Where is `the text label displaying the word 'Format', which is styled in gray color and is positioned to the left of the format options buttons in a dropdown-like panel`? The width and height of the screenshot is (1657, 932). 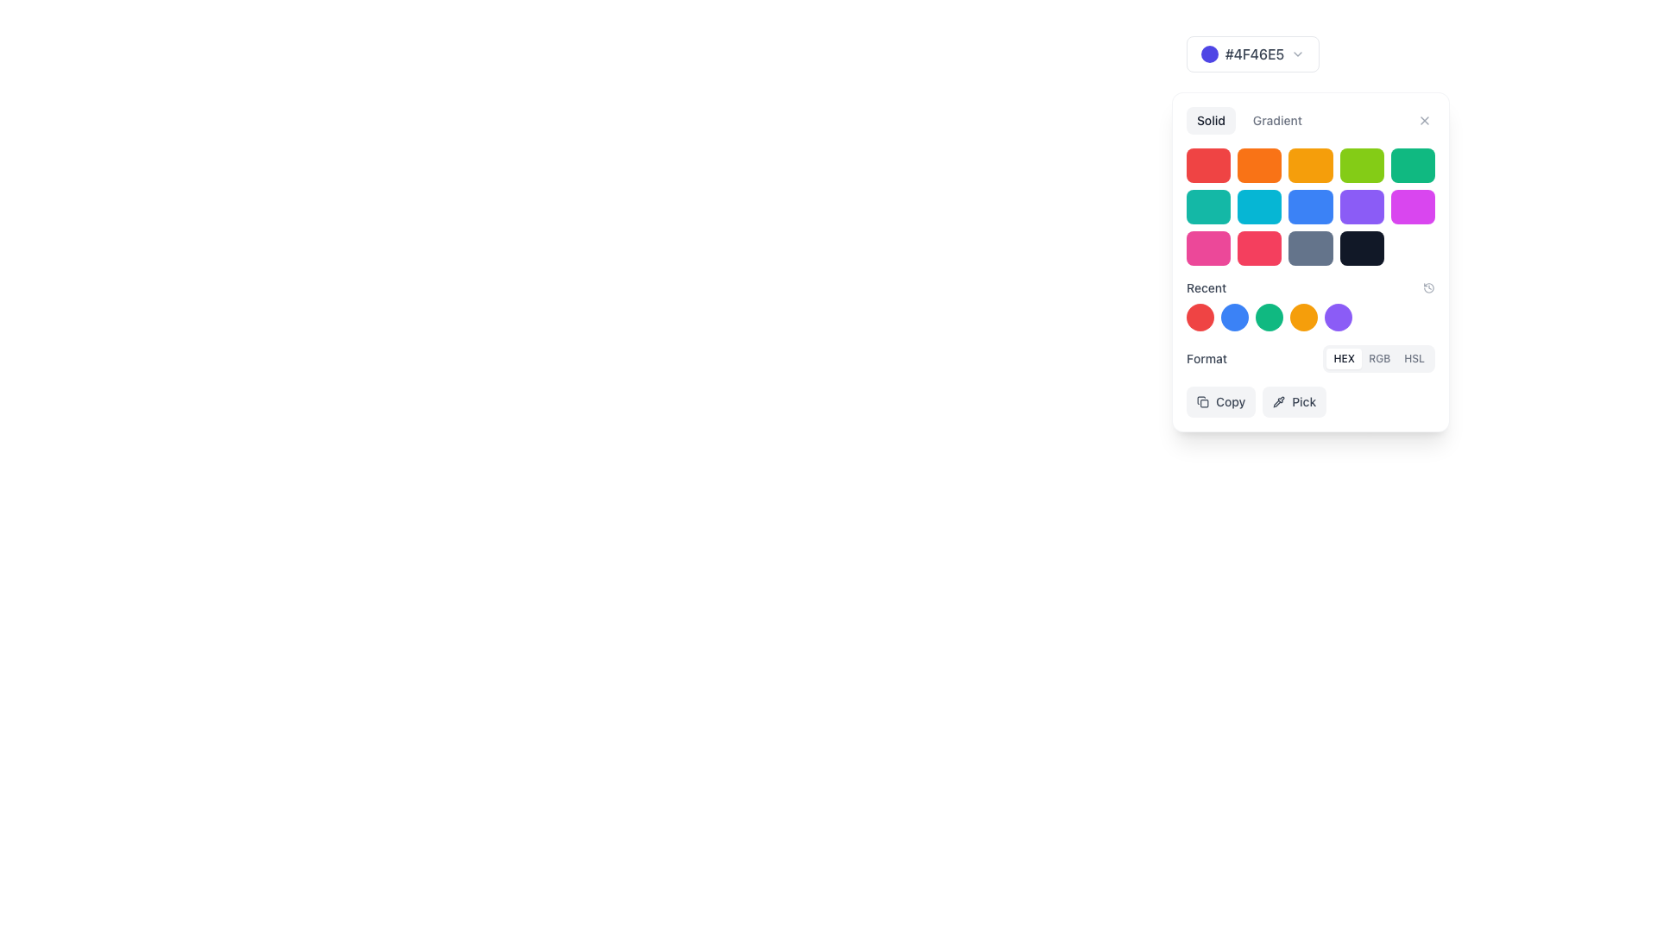 the text label displaying the word 'Format', which is styled in gray color and is positioned to the left of the format options buttons in a dropdown-like panel is located at coordinates (1206, 358).